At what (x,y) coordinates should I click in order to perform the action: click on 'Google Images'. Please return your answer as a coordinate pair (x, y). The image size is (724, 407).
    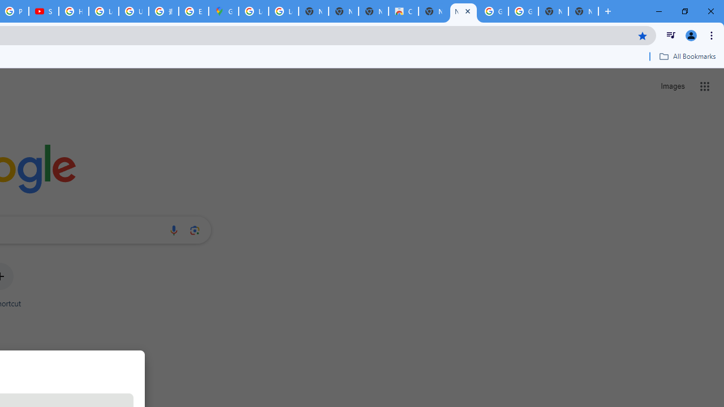
    Looking at the image, I should click on (493, 11).